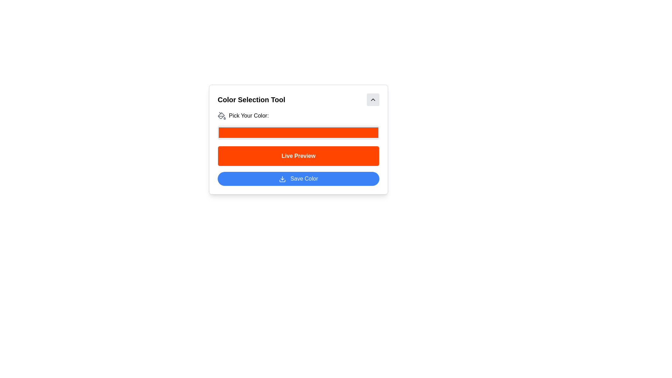 Image resolution: width=672 pixels, height=378 pixels. I want to click on the paint bucket icon with a droplet, located next to the text 'Pick Your Color:' in the 'Color Selection Tool' interface, so click(221, 115).